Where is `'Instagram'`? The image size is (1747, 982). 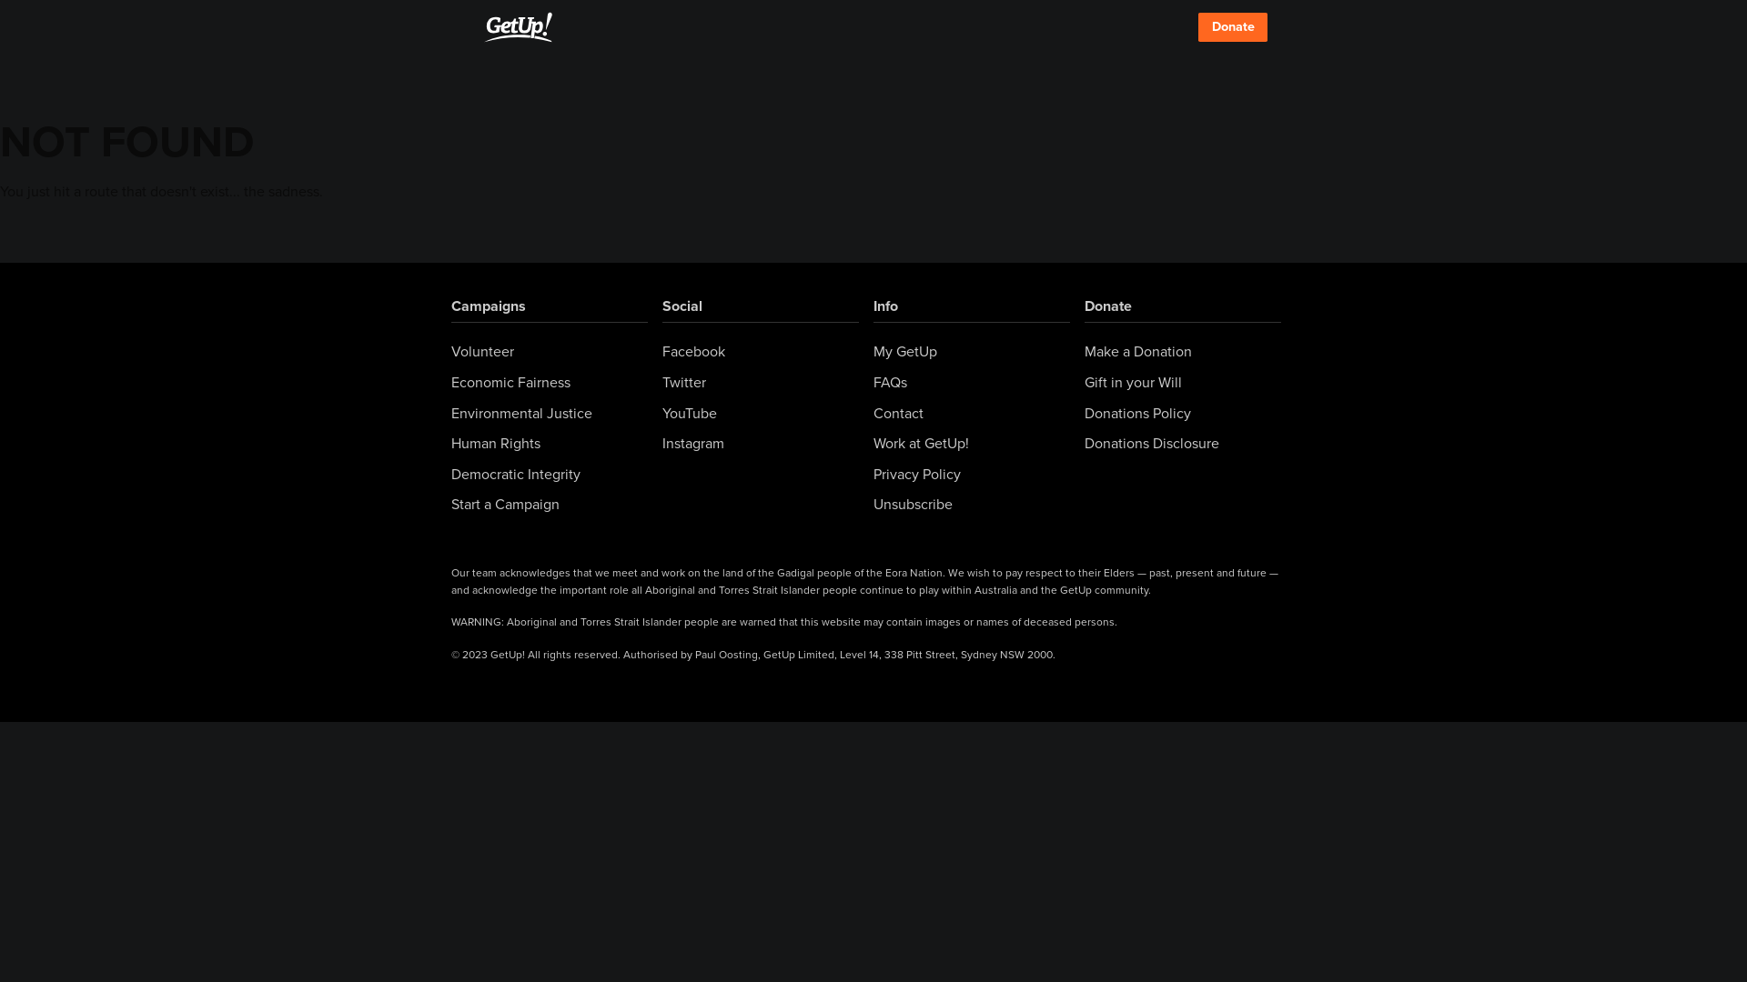 'Instagram' is located at coordinates (661, 444).